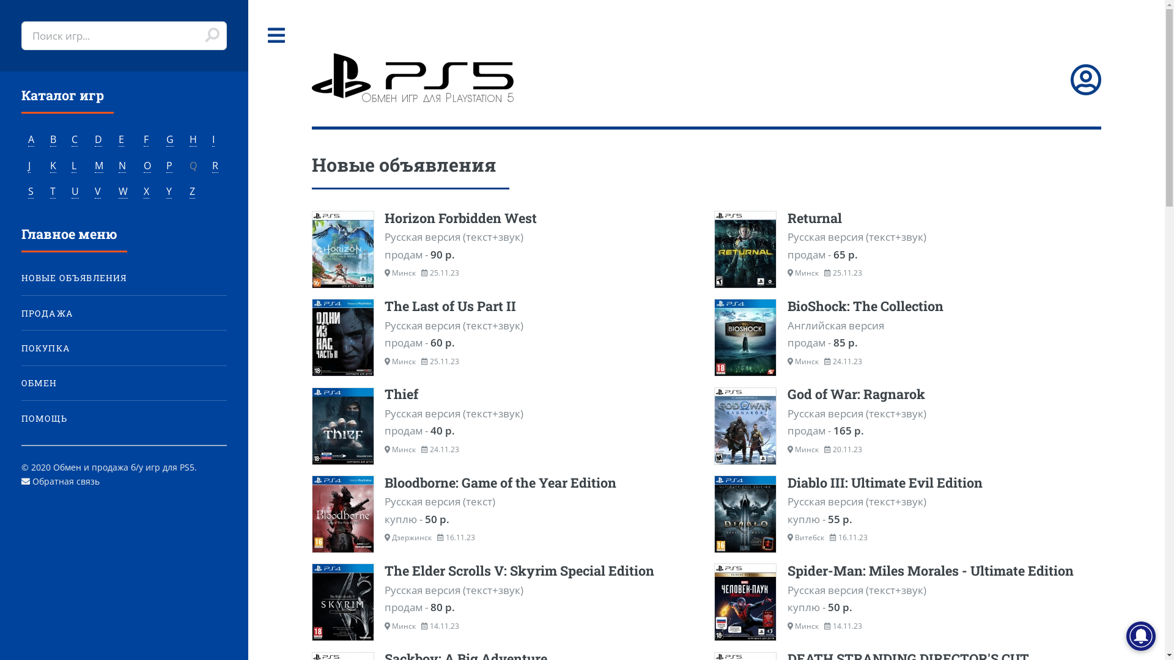  Describe the element at coordinates (52, 166) in the screenshot. I see `'K'` at that location.